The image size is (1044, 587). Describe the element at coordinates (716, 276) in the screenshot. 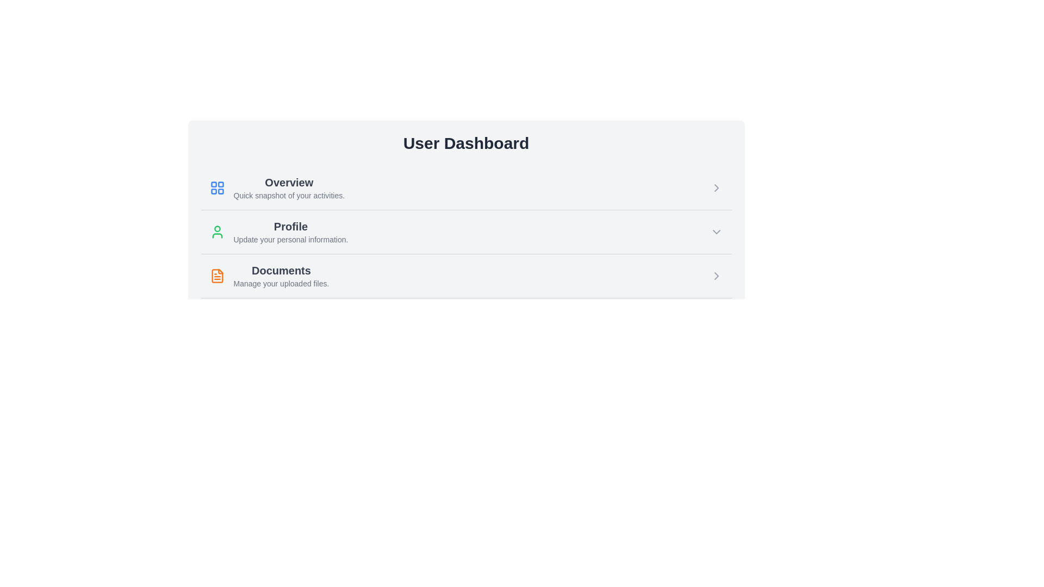

I see `the right-facing chevron arrow icon at the end of the 'Documents' row in the user dashboard interface` at that location.